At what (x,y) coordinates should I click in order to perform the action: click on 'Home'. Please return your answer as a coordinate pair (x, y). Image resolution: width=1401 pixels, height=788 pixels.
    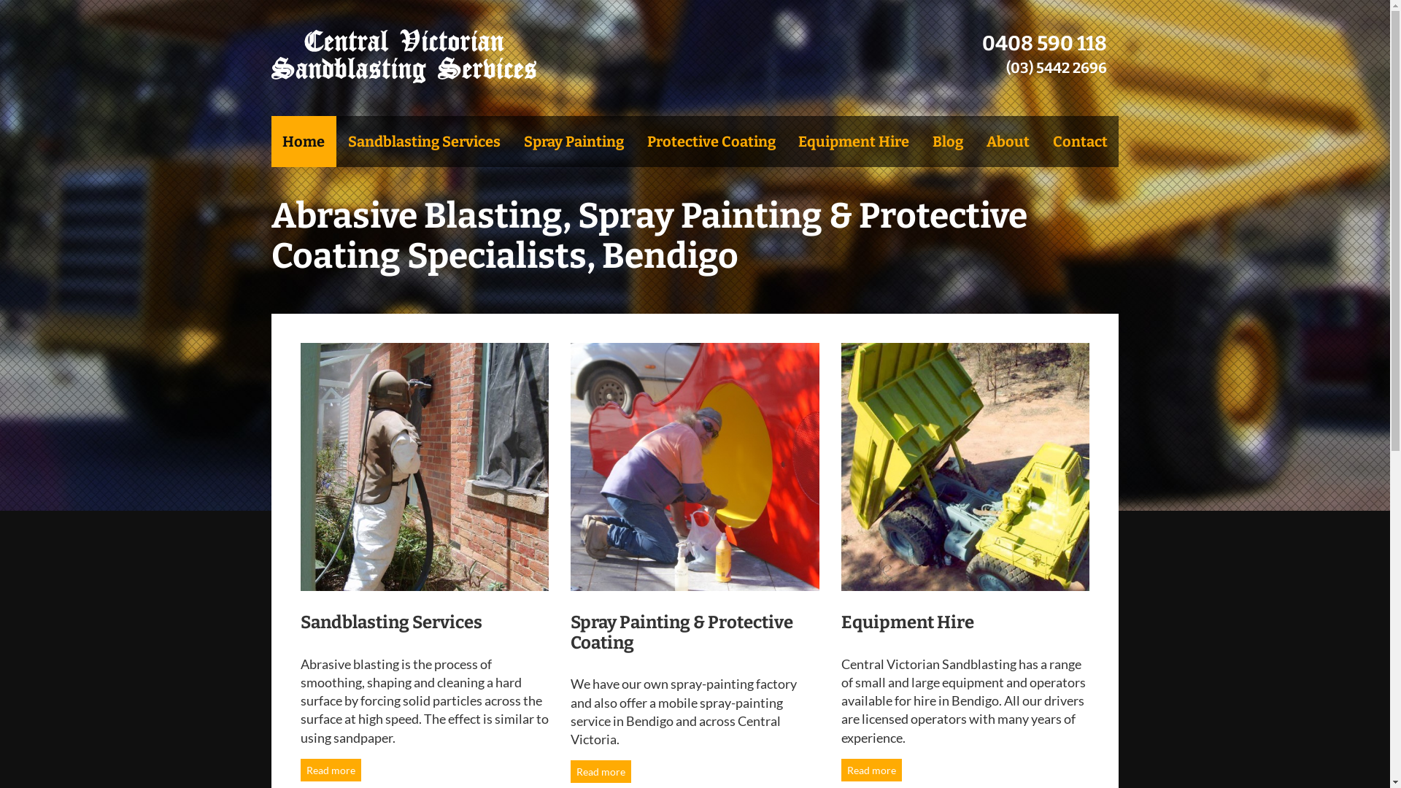
    Looking at the image, I should click on (304, 141).